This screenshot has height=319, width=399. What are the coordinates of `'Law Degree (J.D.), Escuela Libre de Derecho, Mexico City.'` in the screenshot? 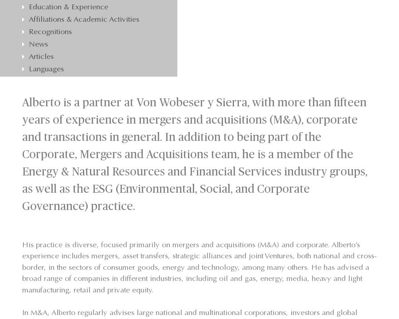 It's located at (36, 148).